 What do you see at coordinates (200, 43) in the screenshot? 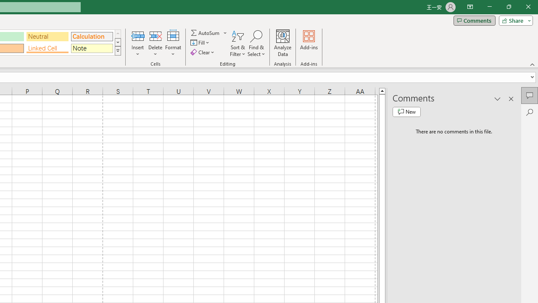
I see `'Fill'` at bounding box center [200, 43].